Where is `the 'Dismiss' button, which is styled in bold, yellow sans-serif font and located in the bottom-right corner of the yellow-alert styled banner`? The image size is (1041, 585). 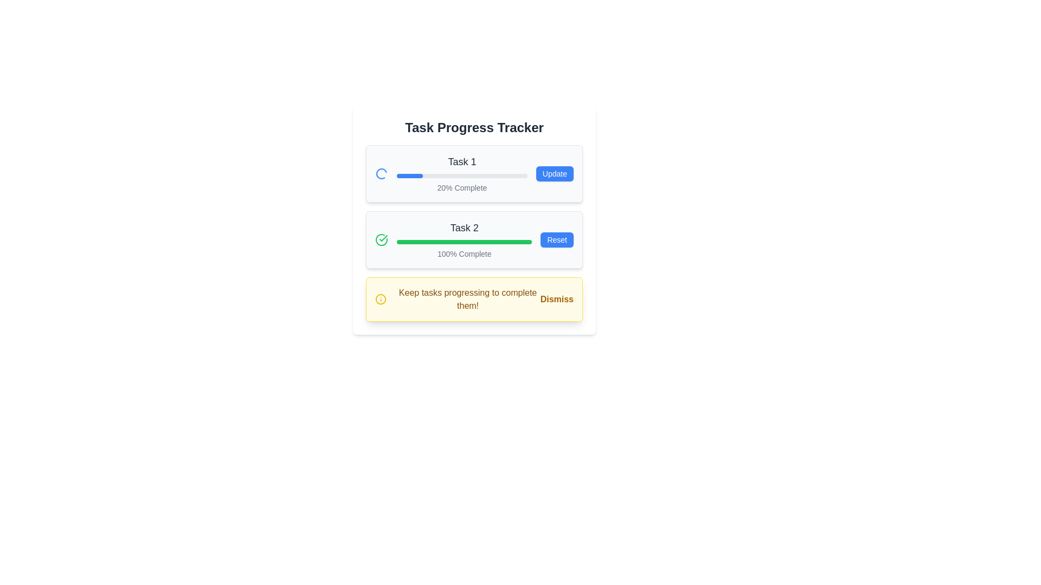 the 'Dismiss' button, which is styled in bold, yellow sans-serif font and located in the bottom-right corner of the yellow-alert styled banner is located at coordinates (557, 299).